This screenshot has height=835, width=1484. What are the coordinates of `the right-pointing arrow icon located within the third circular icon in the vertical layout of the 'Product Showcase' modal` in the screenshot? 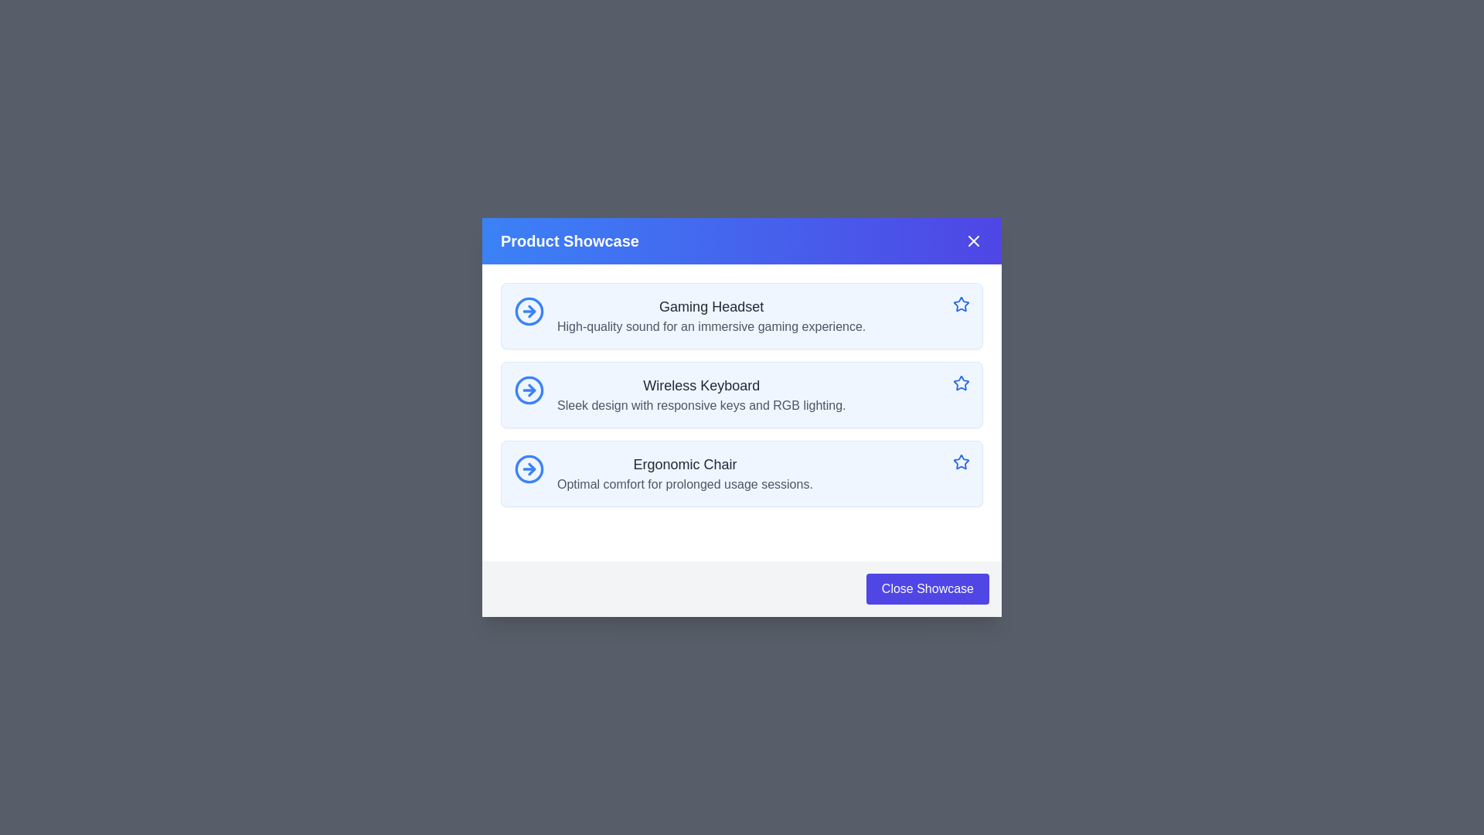 It's located at (532, 468).